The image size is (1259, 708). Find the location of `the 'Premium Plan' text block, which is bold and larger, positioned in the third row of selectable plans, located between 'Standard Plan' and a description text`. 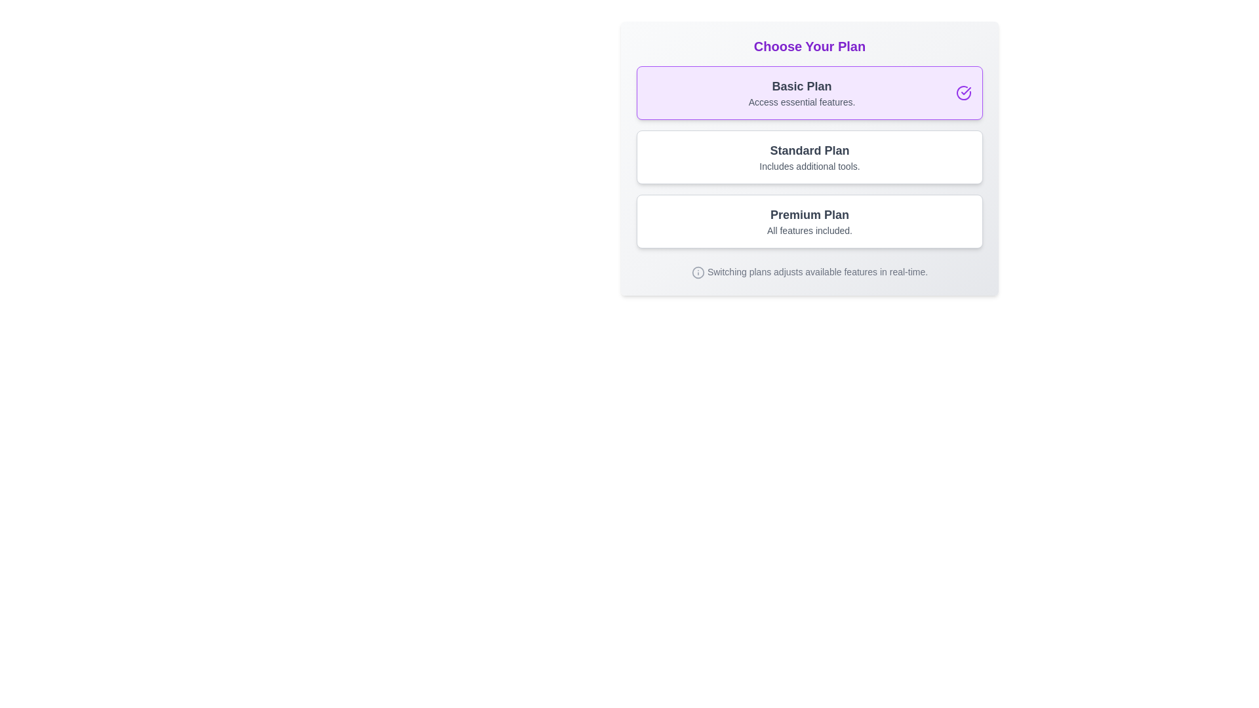

the 'Premium Plan' text block, which is bold and larger, positioned in the third row of selectable plans, located between 'Standard Plan' and a description text is located at coordinates (809, 221).